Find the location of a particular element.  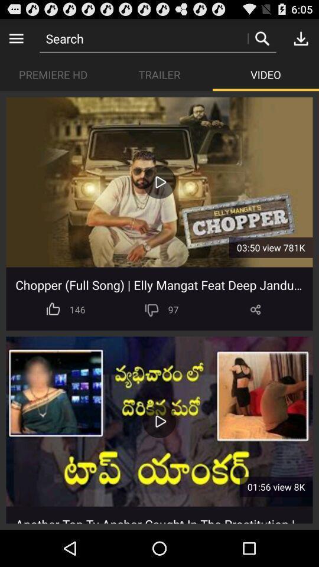

previous is located at coordinates (15, 38).